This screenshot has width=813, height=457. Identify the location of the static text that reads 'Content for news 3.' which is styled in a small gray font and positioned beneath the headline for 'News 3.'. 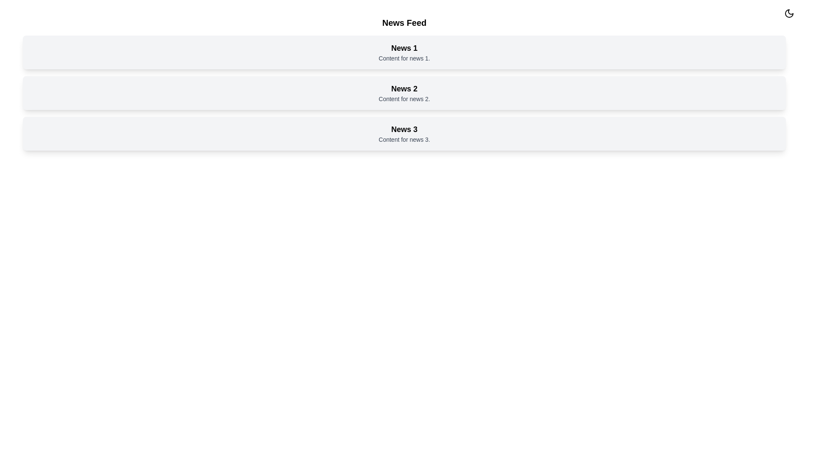
(404, 139).